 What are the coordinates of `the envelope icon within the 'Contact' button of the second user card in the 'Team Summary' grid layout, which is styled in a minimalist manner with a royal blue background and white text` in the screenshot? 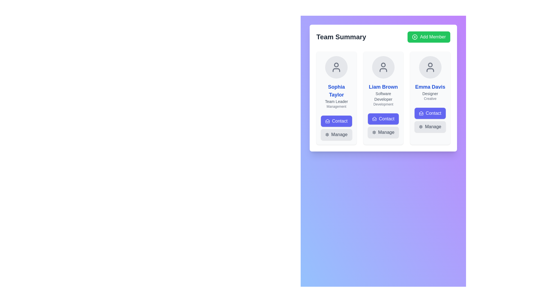 It's located at (374, 119).